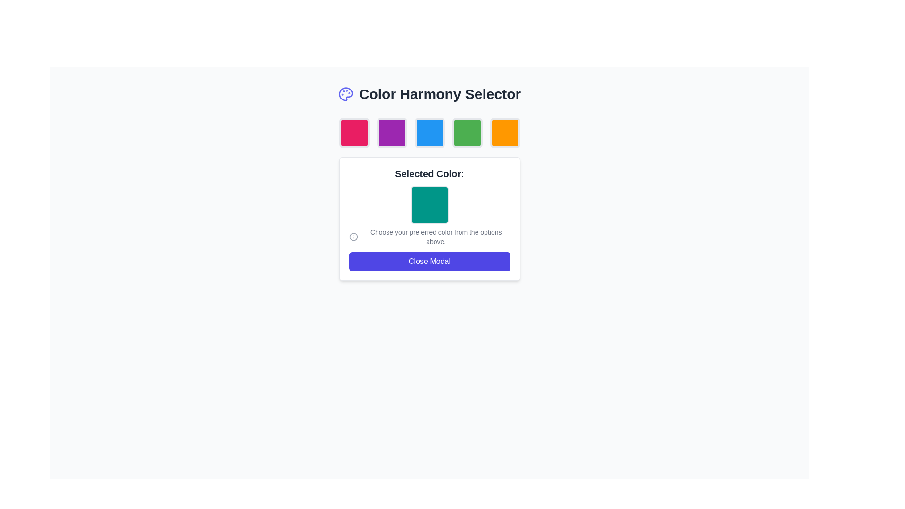 The image size is (905, 509). What do you see at coordinates (345, 94) in the screenshot?
I see `the indigo circular palette icon, which is the first item in the 'Color Harmony Selector' group` at bounding box center [345, 94].